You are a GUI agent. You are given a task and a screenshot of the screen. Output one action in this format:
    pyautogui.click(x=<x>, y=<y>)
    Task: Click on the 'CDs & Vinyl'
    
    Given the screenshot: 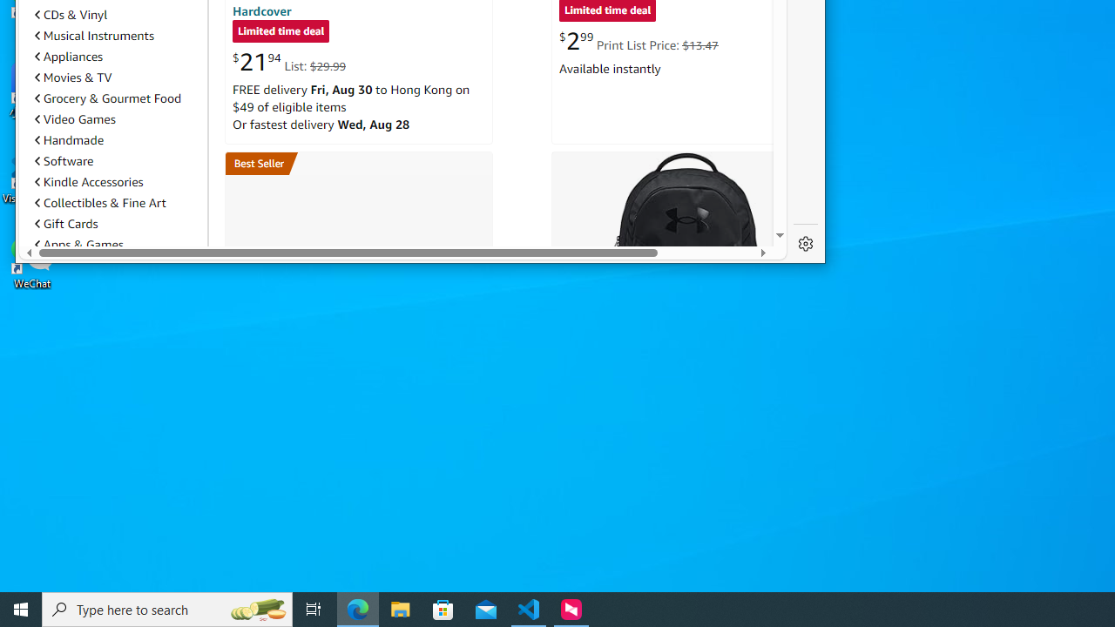 What is the action you would take?
    pyautogui.click(x=70, y=14)
    